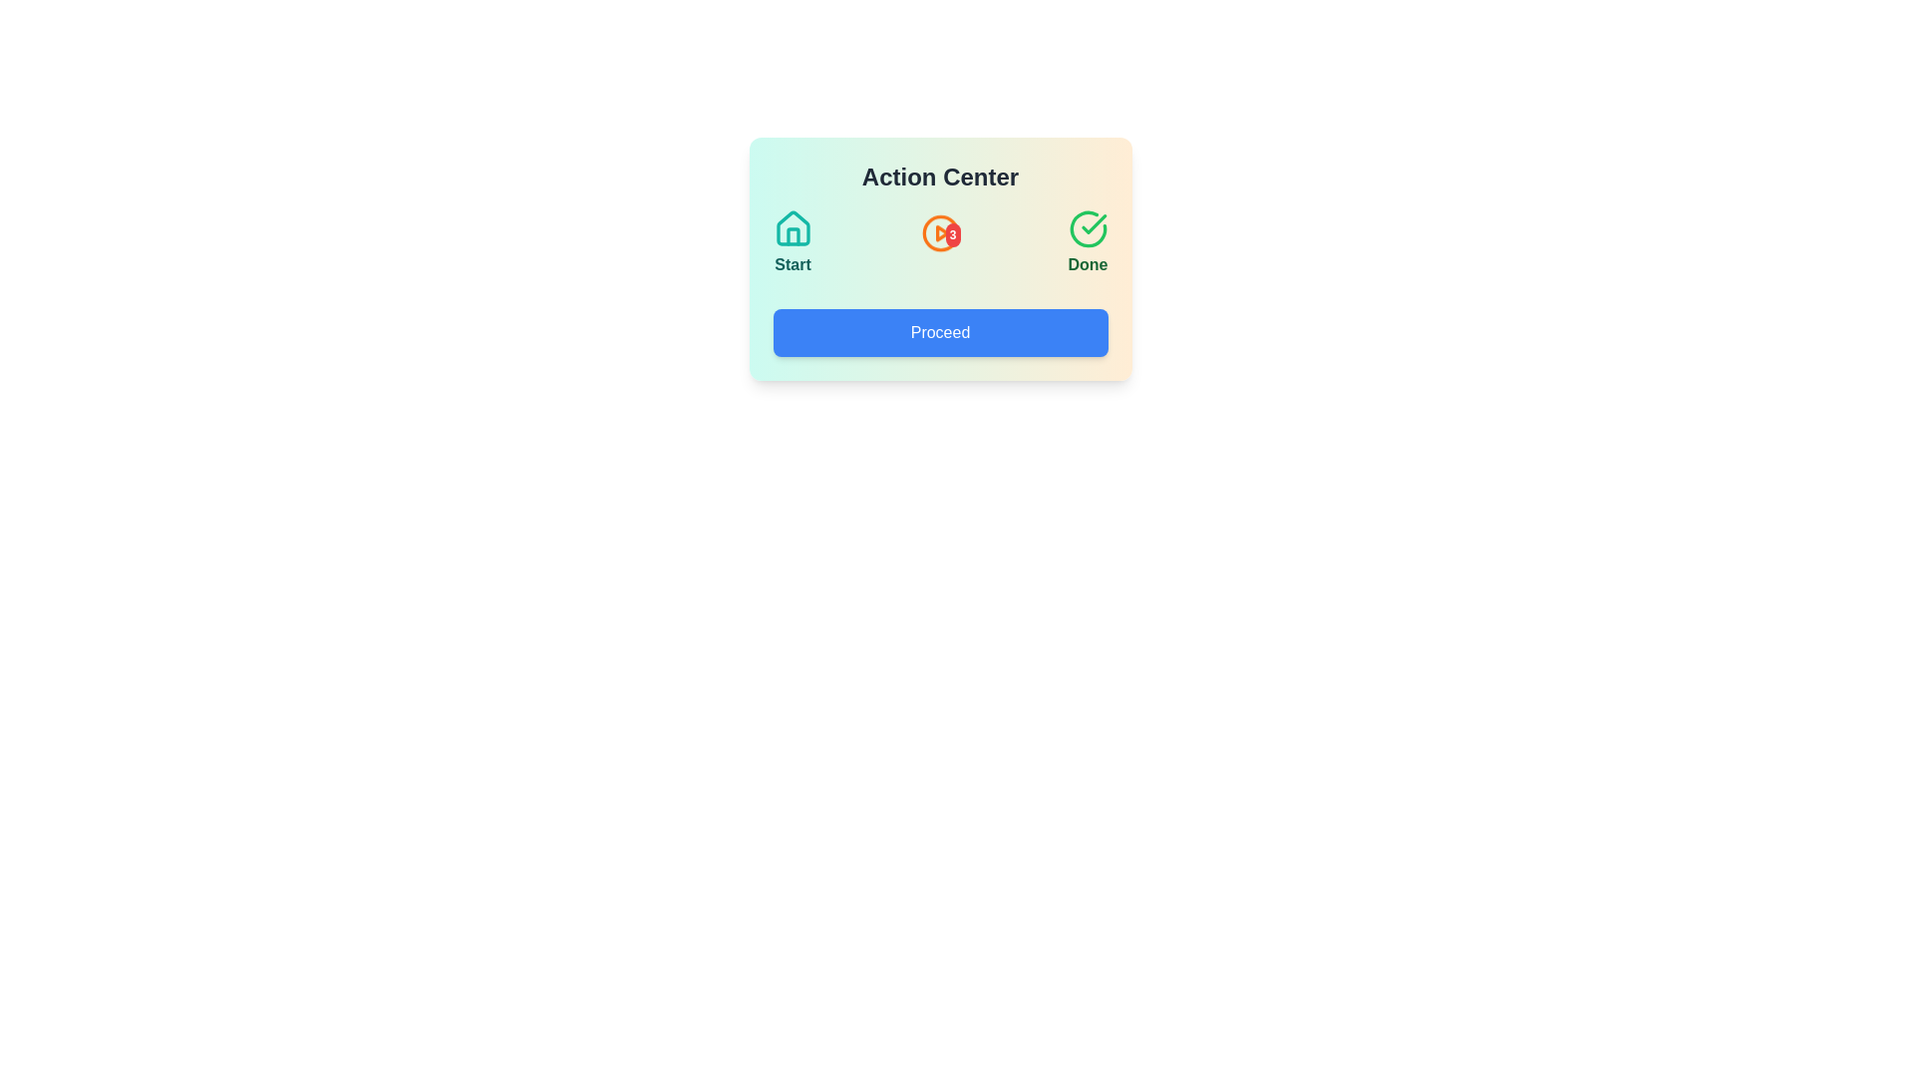 This screenshot has width=1914, height=1077. What do you see at coordinates (939, 332) in the screenshot?
I see `the 'Proceed' button, which is a blue rectangular button with white text` at bounding box center [939, 332].